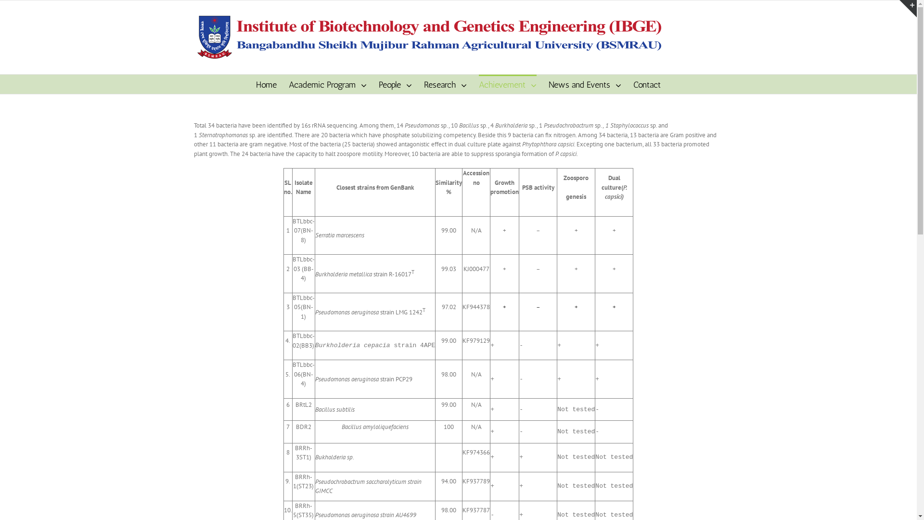 The image size is (924, 520). I want to click on 'Toggle Sliding Bar Area', so click(907, 9).